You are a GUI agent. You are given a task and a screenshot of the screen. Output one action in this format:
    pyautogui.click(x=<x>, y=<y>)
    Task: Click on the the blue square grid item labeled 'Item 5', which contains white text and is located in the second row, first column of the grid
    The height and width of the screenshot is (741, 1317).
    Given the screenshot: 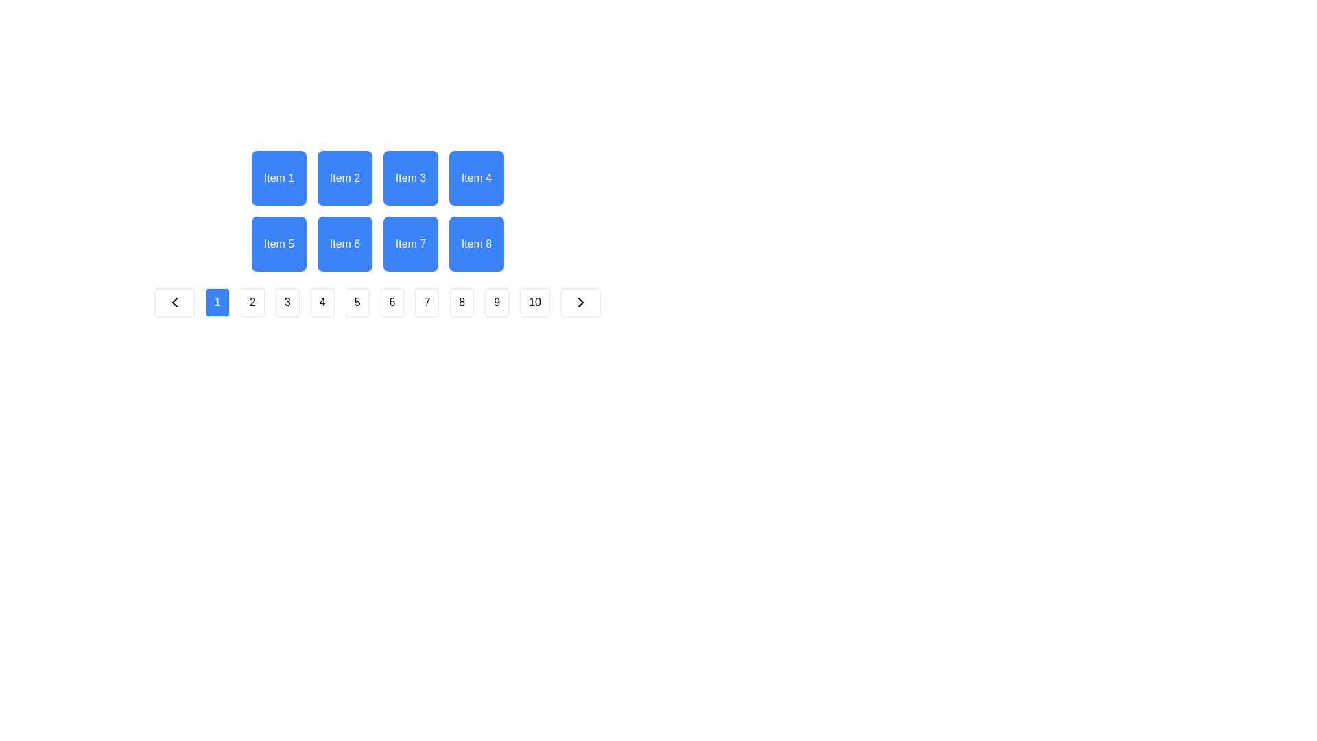 What is the action you would take?
    pyautogui.click(x=278, y=243)
    